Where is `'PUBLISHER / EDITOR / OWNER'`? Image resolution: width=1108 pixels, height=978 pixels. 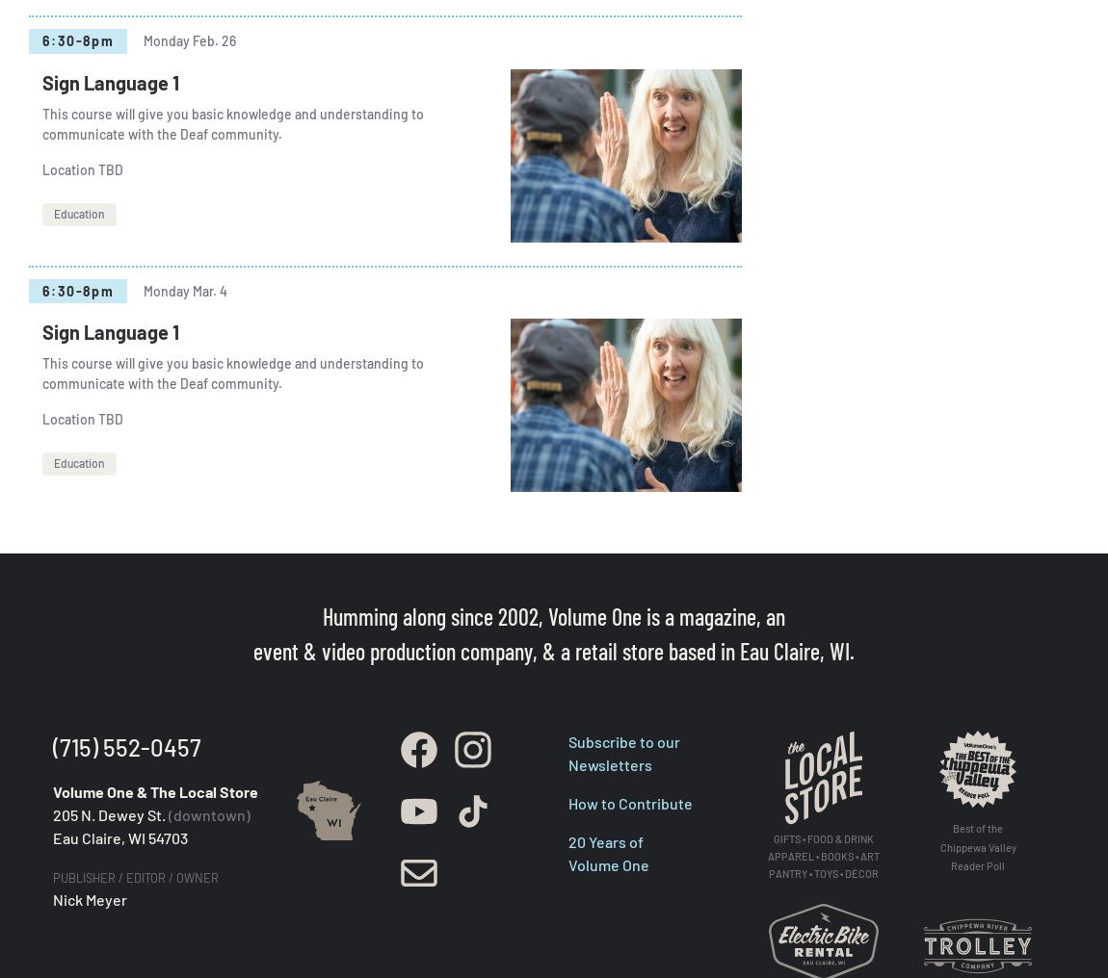 'PUBLISHER / EDITOR / OWNER' is located at coordinates (51, 876).